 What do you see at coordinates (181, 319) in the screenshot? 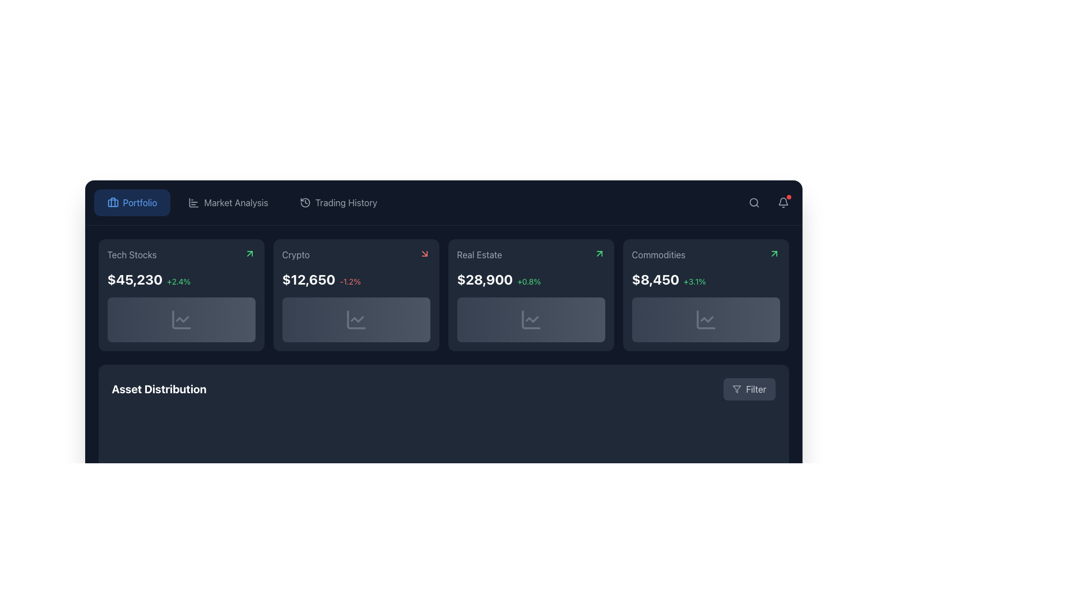
I see `the analytical icon representing the 'Tech Stocks' section, which is located on the first card in a horizontal layout of four cards beneath the navigation bar` at bounding box center [181, 319].